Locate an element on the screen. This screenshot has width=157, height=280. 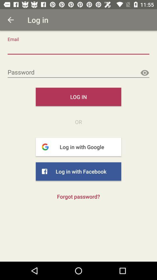
the mailbox is located at coordinates (78, 49).